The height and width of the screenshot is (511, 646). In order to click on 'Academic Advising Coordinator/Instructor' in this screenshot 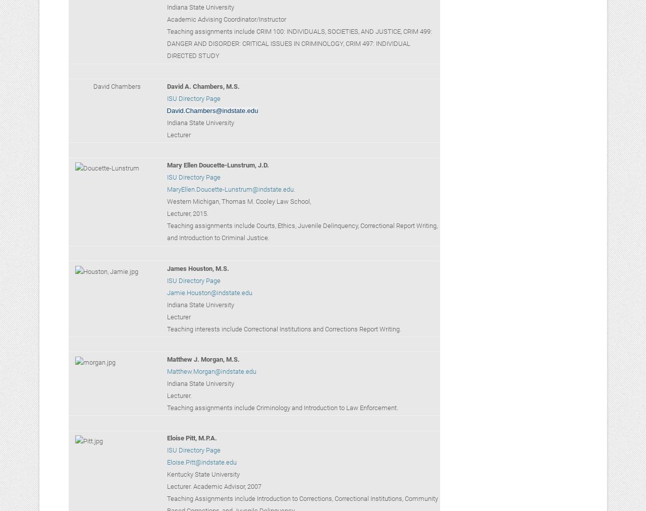, I will do `click(226, 19)`.